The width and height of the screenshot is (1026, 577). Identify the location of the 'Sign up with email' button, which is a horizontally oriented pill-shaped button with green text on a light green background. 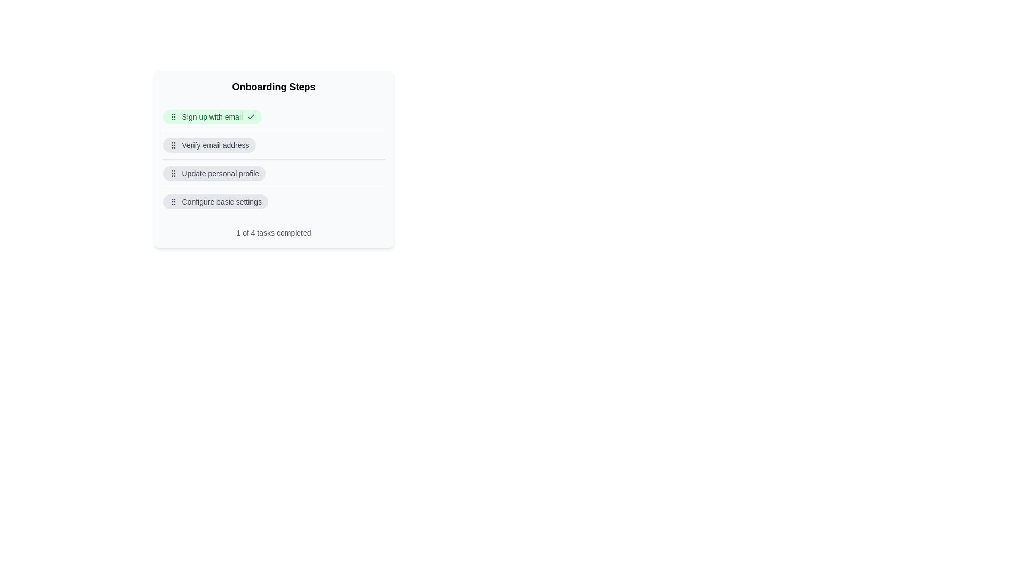
(212, 117).